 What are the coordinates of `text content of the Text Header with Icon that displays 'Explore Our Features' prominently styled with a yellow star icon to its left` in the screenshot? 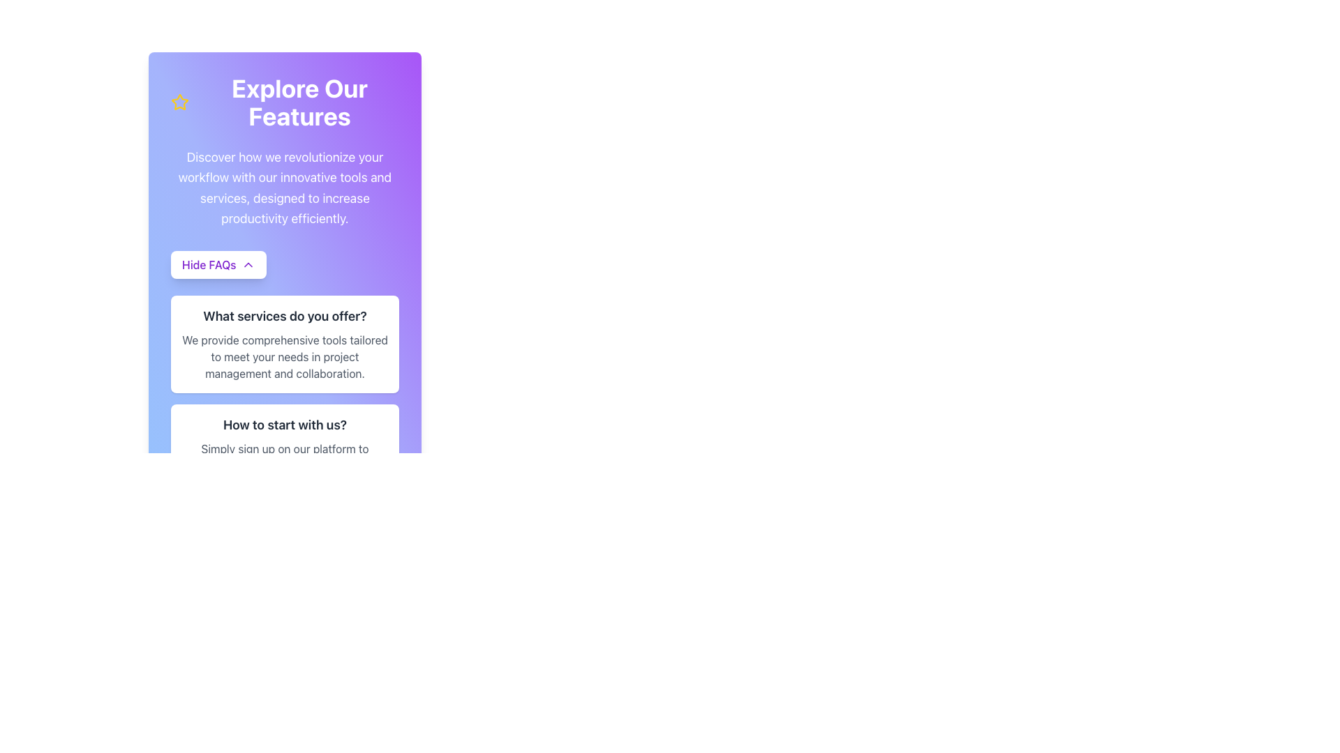 It's located at (284, 101).